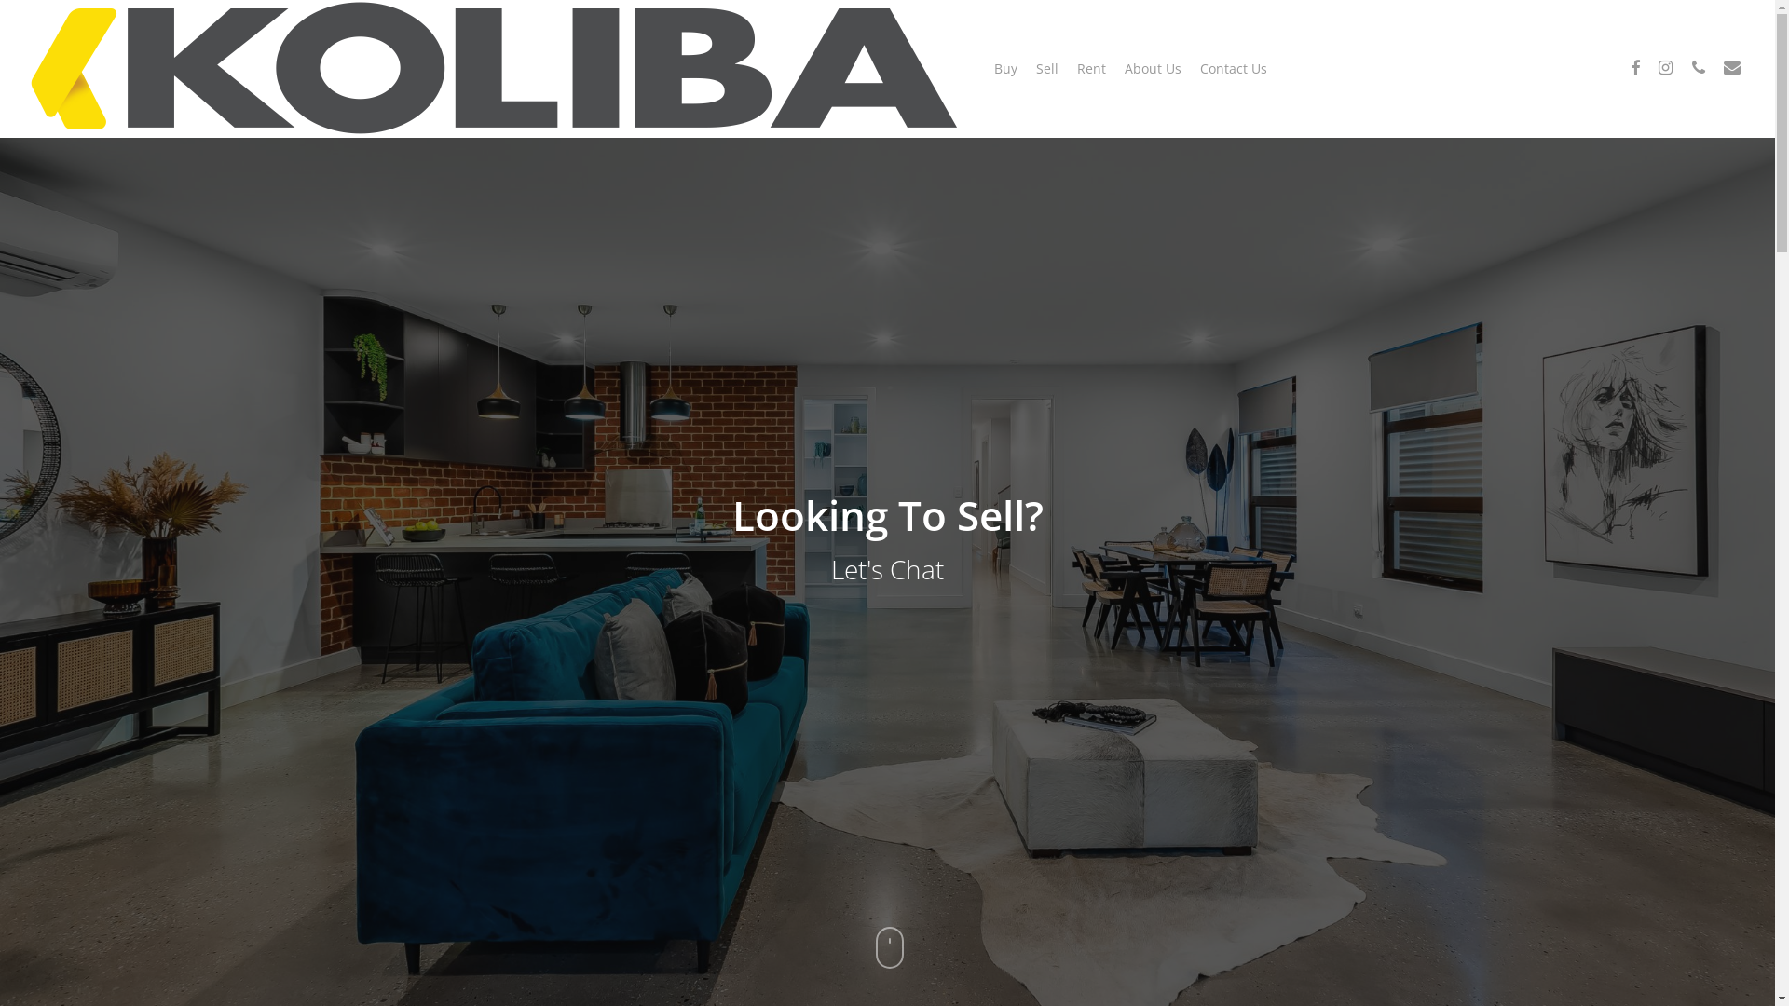 The height and width of the screenshot is (1006, 1789). What do you see at coordinates (1699, 67) in the screenshot?
I see `'phone'` at bounding box center [1699, 67].